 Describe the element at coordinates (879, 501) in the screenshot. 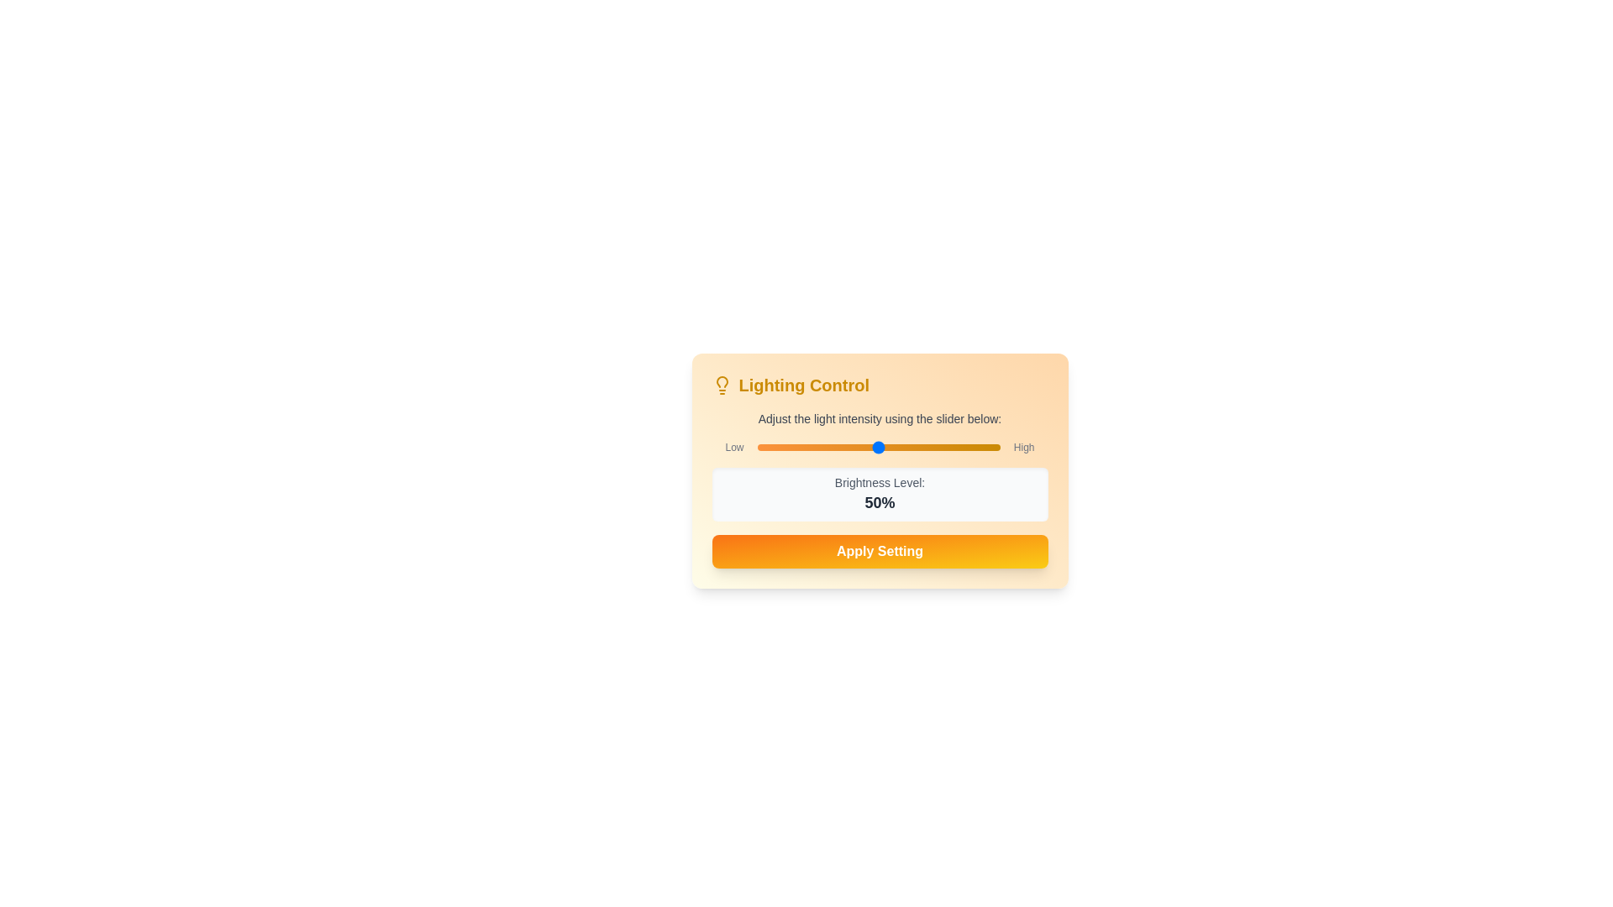

I see `the static text display showing '50%' which indicates the brightness level in a bold, dark gray font, positioned next to 'Brightness Level:'` at that location.